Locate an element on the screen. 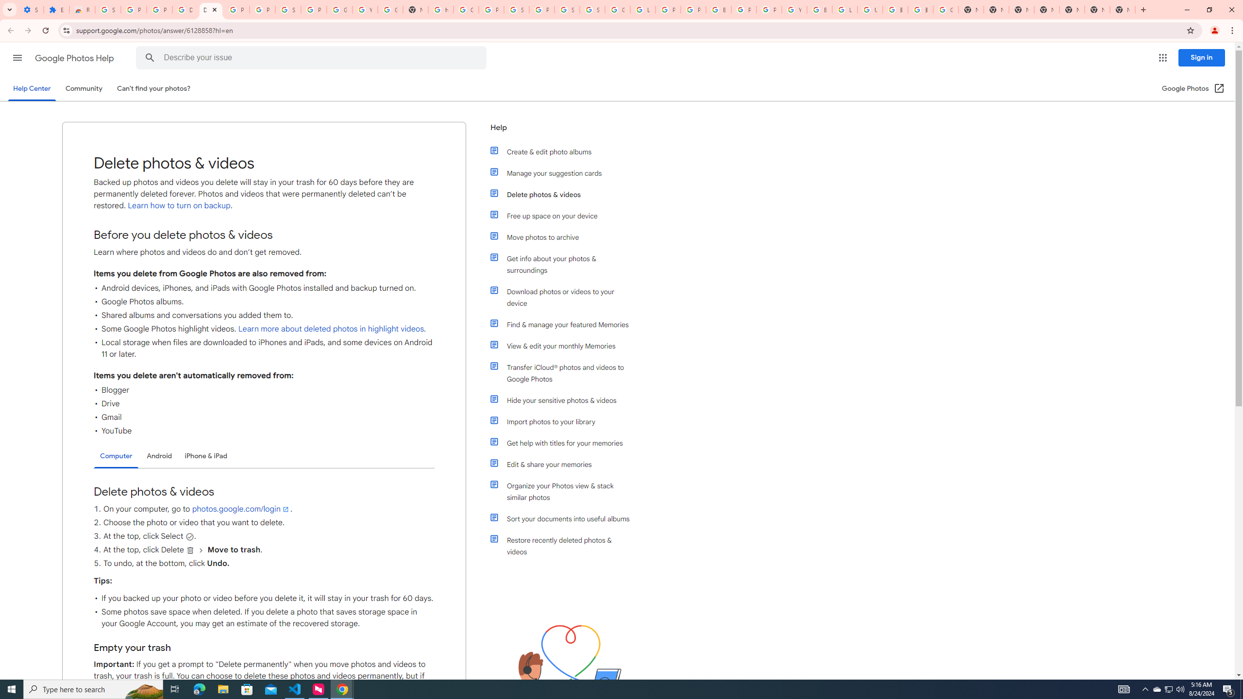 Image resolution: width=1243 pixels, height=699 pixels. 'Select' is located at coordinates (189, 536).